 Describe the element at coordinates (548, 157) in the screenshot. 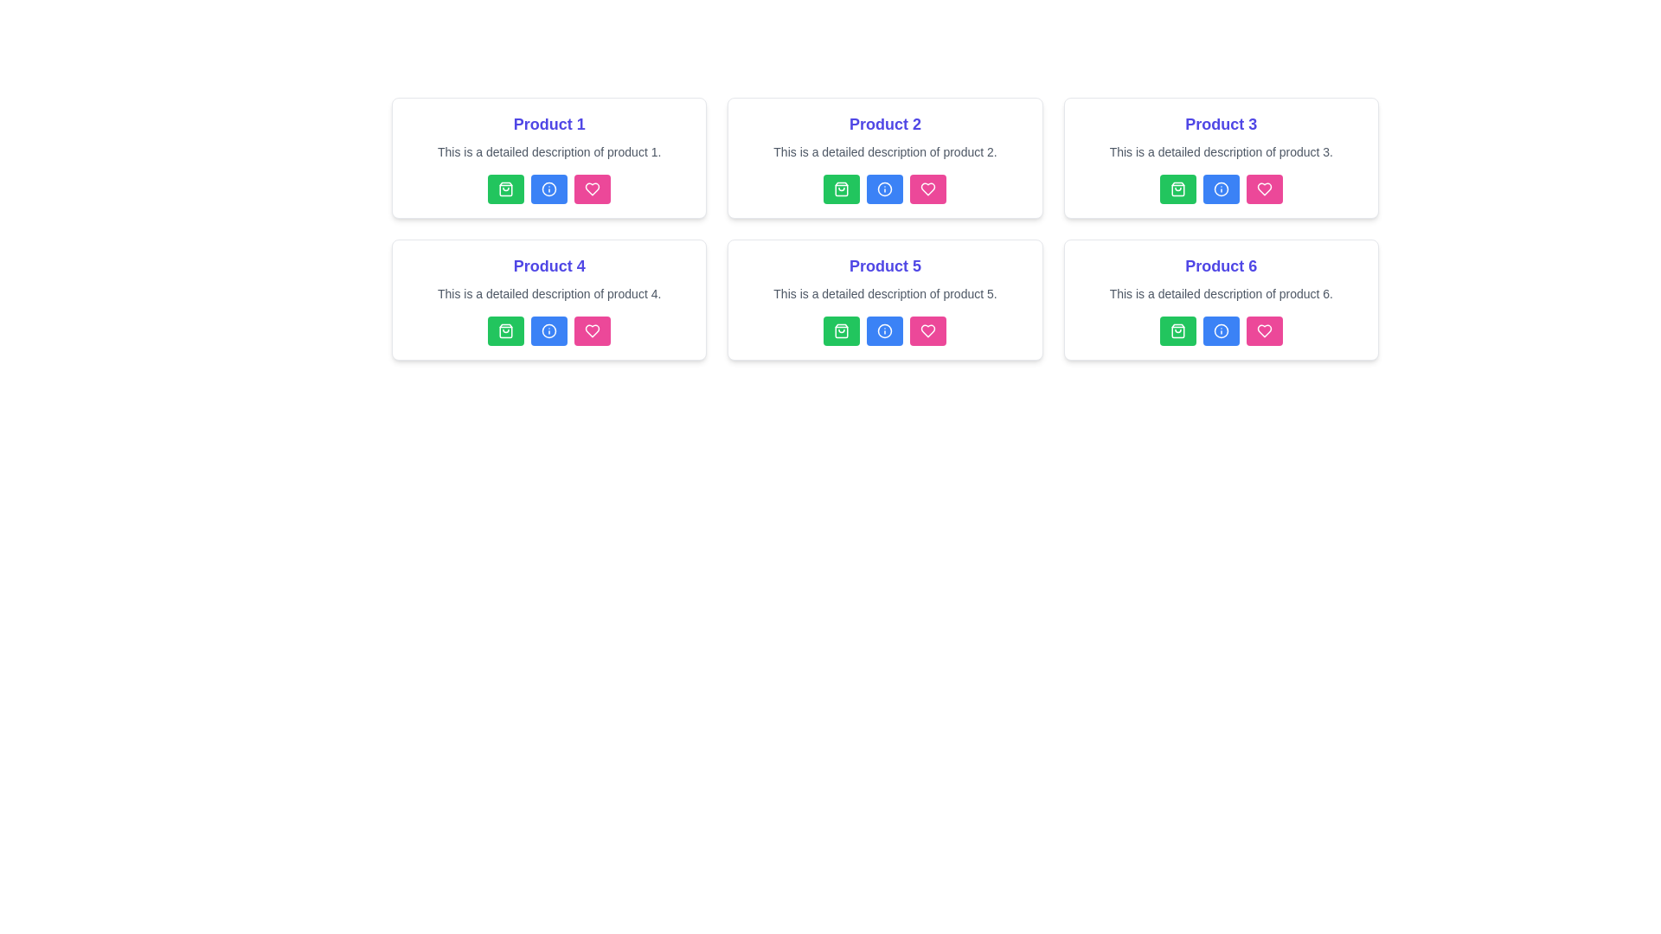

I see `the Product Card located at the top-left corner of the grid layout, which displays key information about the product` at that location.